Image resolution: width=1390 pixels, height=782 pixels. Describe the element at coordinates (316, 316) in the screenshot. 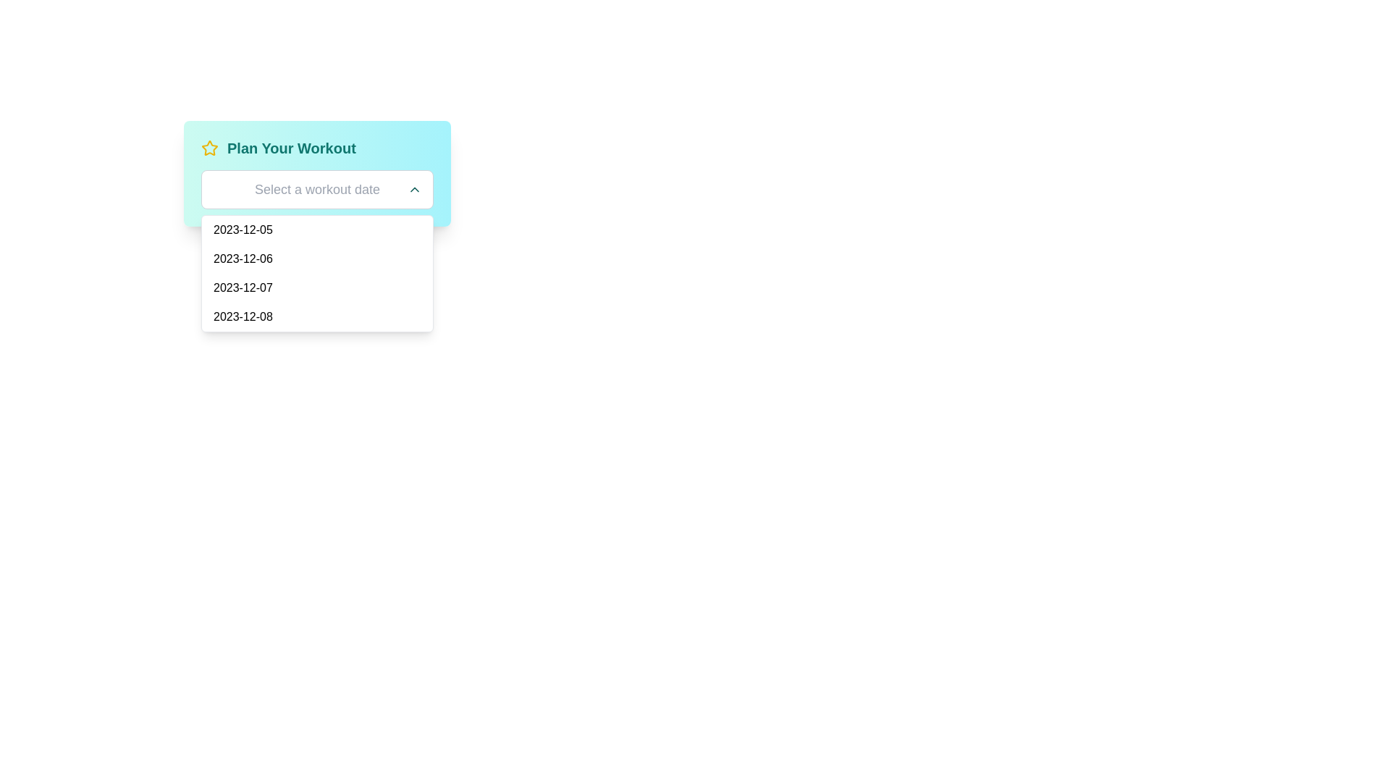

I see `the selectable date list item for '2023-12-08'` at that location.